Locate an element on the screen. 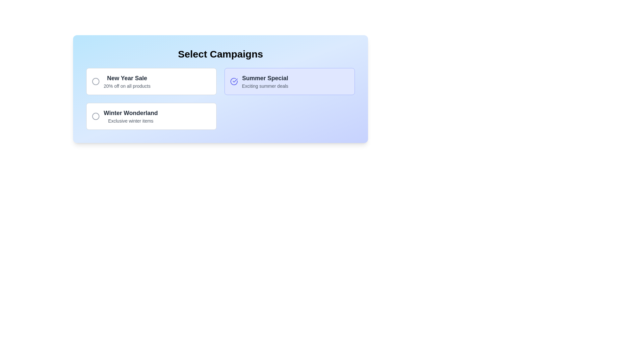 The height and width of the screenshot is (355, 632). the 'New Year Sale' text element, which is the title of the top-left card in the 'Select Campaigns' section, above the subtitle '20% off on all products' is located at coordinates (127, 78).